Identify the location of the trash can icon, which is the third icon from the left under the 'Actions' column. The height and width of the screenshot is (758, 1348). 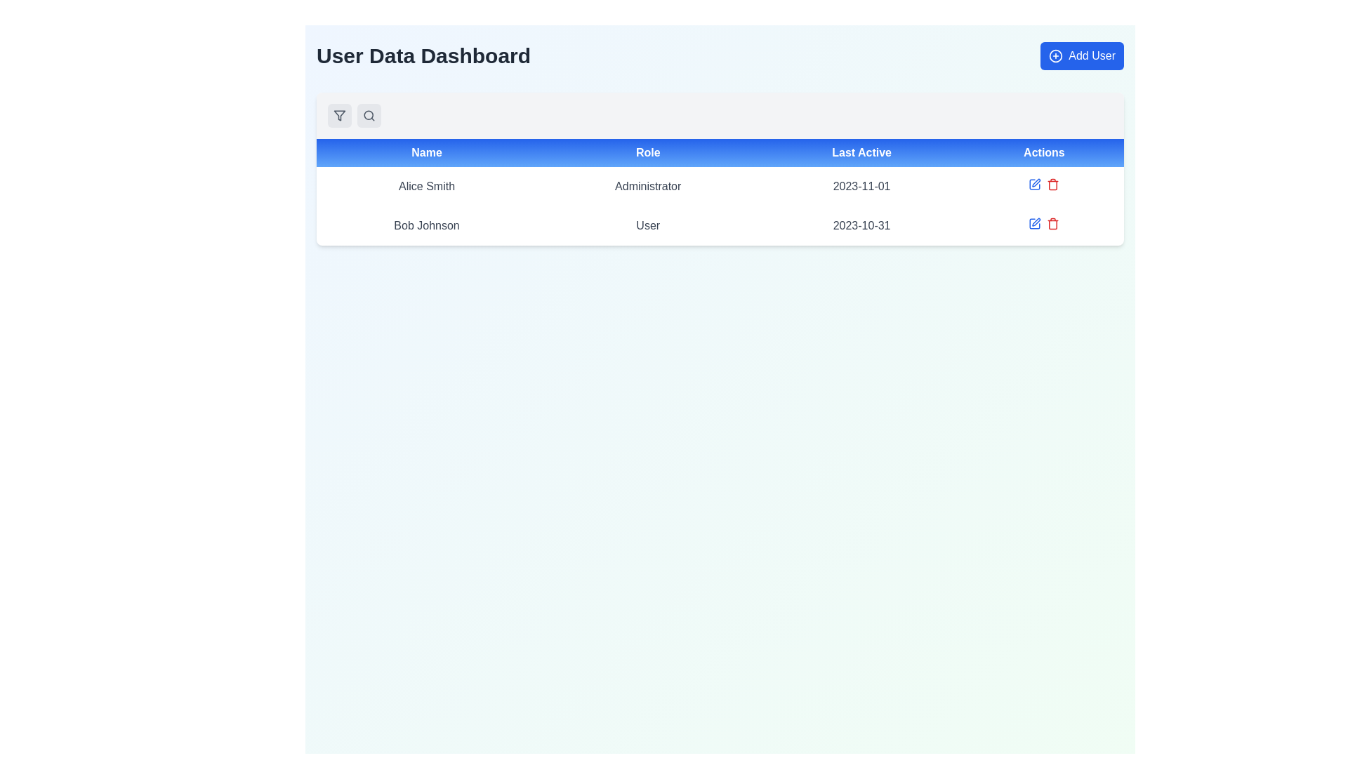
(1052, 183).